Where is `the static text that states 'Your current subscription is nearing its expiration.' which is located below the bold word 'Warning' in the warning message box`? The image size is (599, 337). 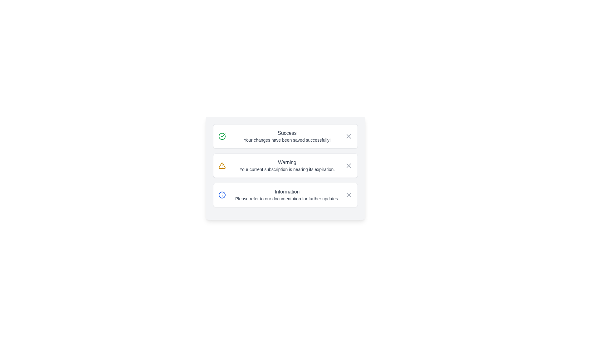 the static text that states 'Your current subscription is nearing its expiration.' which is located below the bold word 'Warning' in the warning message box is located at coordinates (287, 169).